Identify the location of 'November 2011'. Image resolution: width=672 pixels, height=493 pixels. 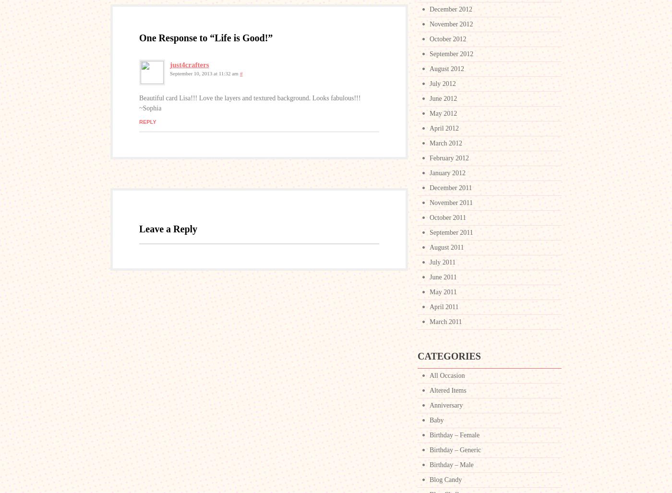
(429, 202).